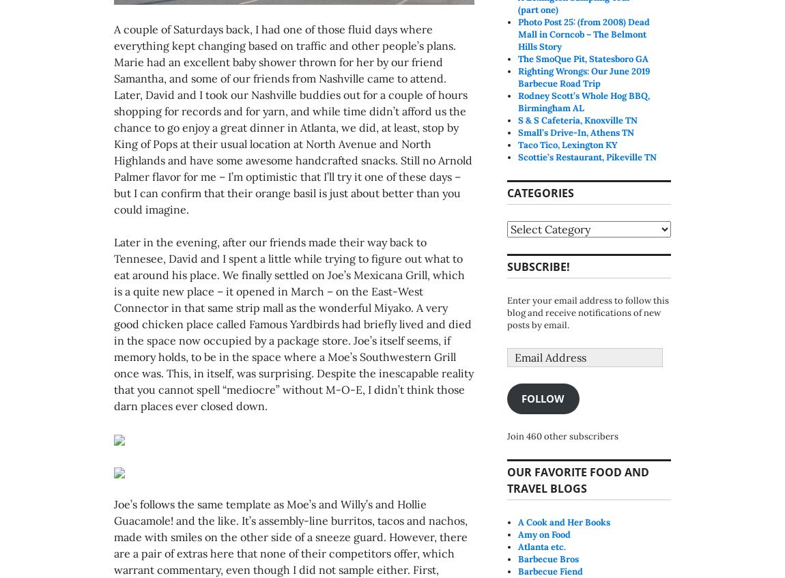  Describe the element at coordinates (517, 100) in the screenshot. I see `'Rodney Scott’s Whole Hog BBQ, Birmingham AL'` at that location.